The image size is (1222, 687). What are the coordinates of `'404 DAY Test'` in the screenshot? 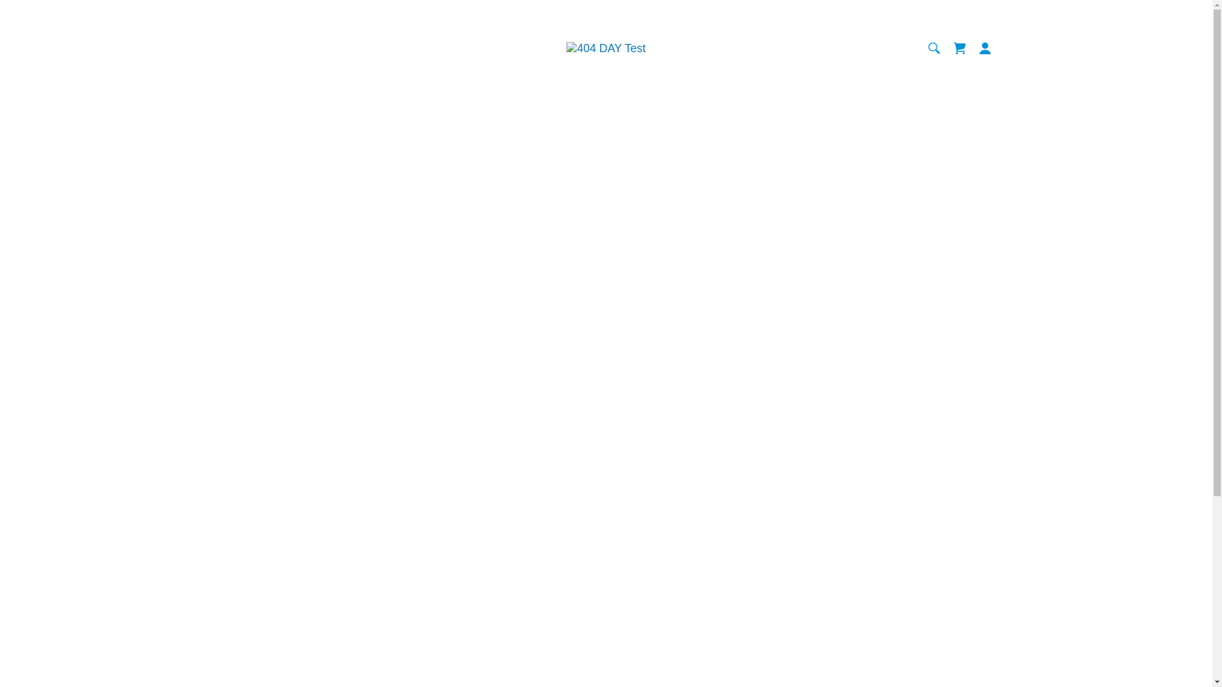 It's located at (565, 46).